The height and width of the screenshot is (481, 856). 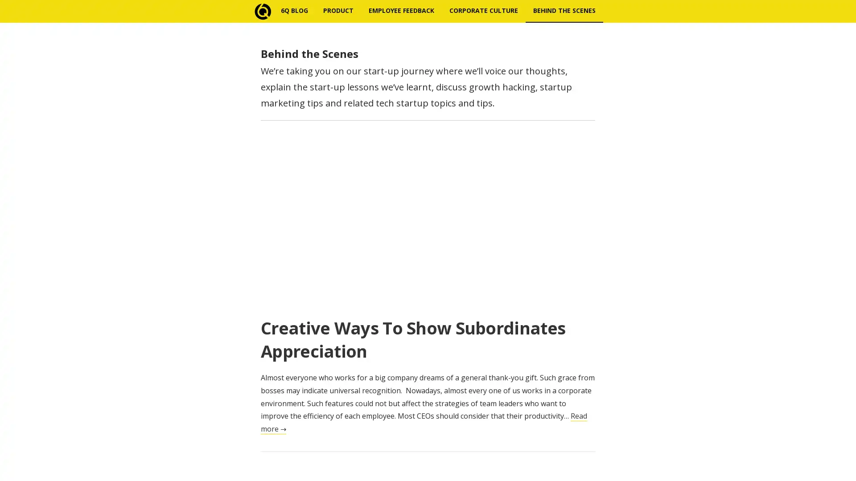 What do you see at coordinates (526, 468) in the screenshot?
I see `Subscribe` at bounding box center [526, 468].